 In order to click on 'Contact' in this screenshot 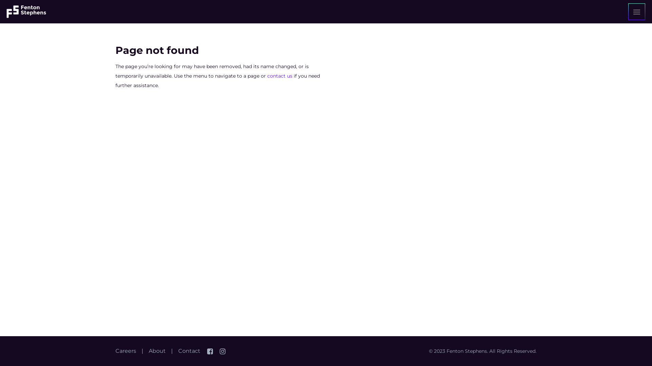, I will do `click(189, 351)`.